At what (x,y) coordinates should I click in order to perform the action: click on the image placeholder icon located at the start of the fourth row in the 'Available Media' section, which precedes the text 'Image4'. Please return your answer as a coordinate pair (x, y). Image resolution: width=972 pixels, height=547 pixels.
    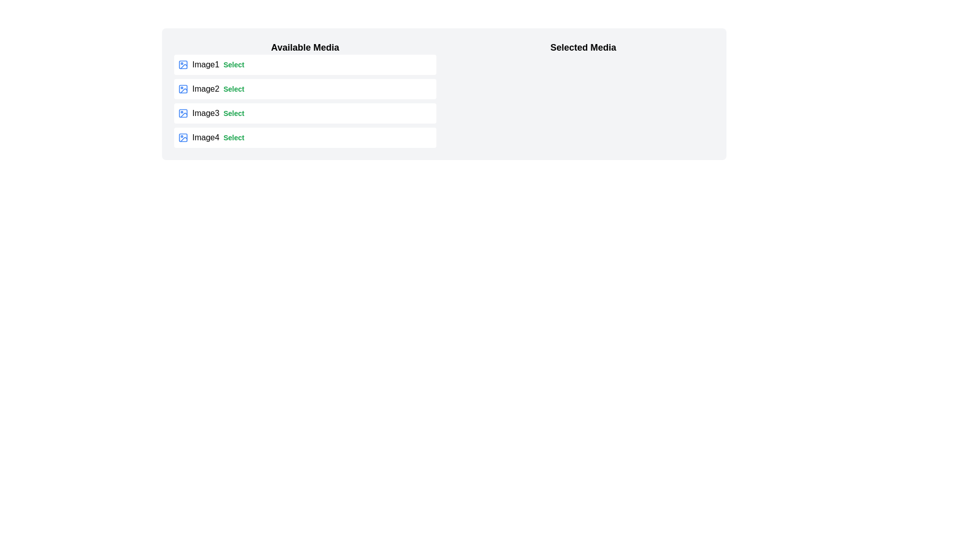
    Looking at the image, I should click on (183, 138).